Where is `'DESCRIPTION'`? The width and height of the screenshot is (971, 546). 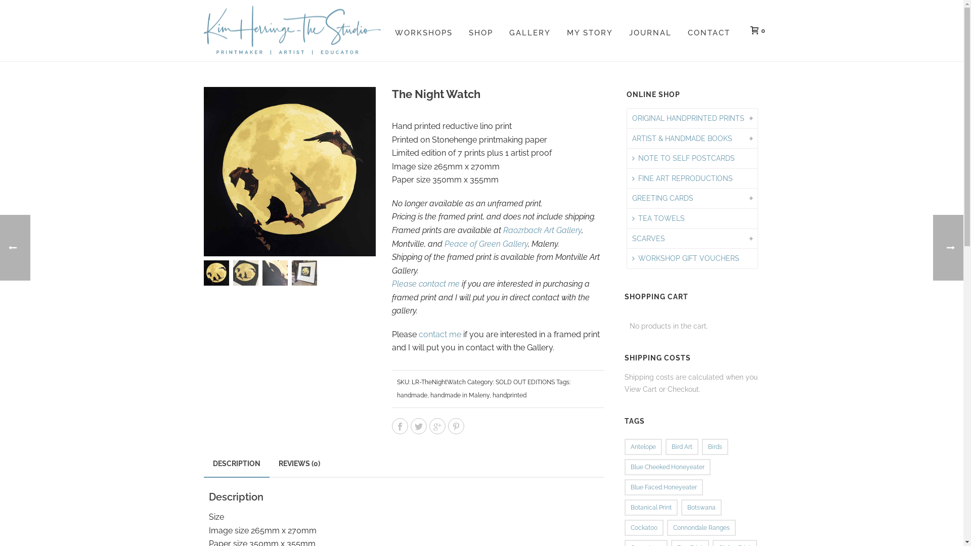 'DESCRIPTION' is located at coordinates (235, 464).